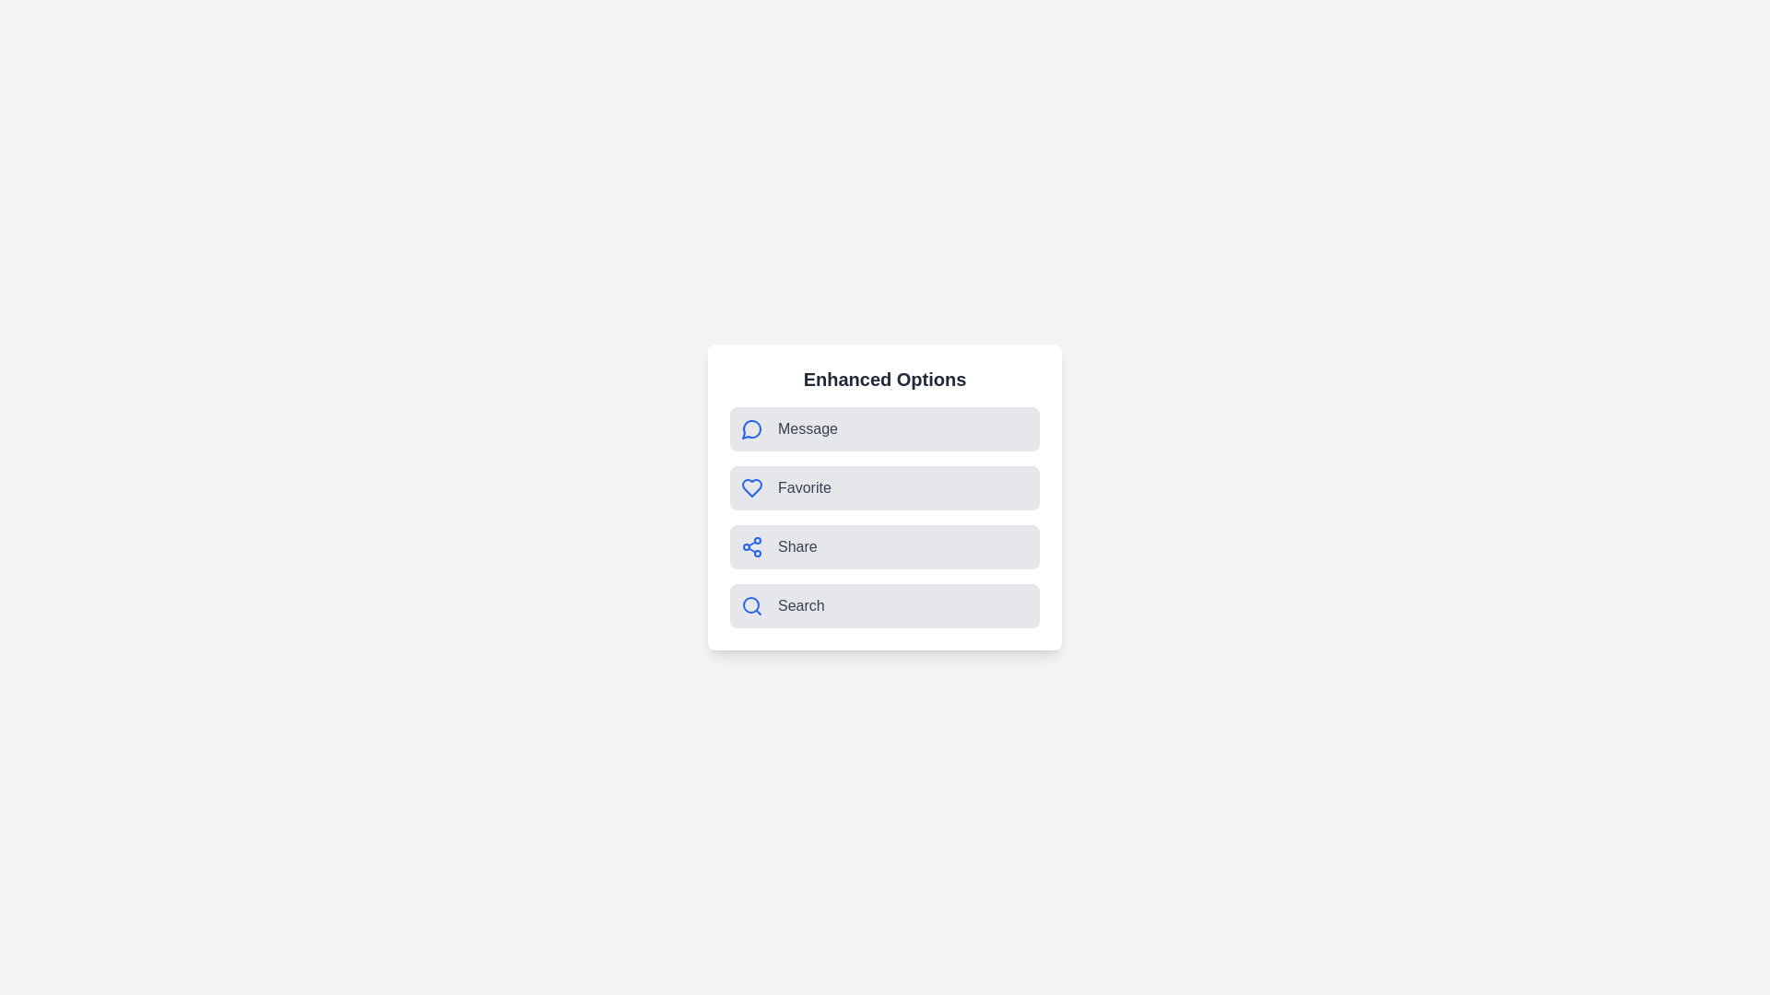 Image resolution: width=1770 pixels, height=995 pixels. I want to click on the 'Favorite' option to trigger its functionality, so click(885, 486).